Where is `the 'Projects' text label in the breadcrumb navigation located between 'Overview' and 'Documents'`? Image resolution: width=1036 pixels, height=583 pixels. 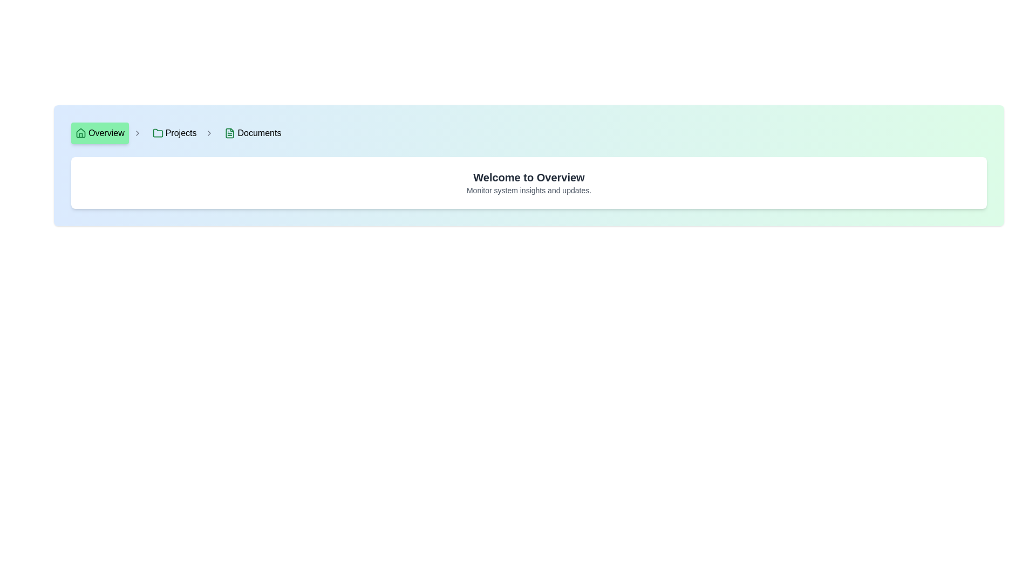 the 'Projects' text label in the breadcrumb navigation located between 'Overview' and 'Documents' is located at coordinates (181, 132).